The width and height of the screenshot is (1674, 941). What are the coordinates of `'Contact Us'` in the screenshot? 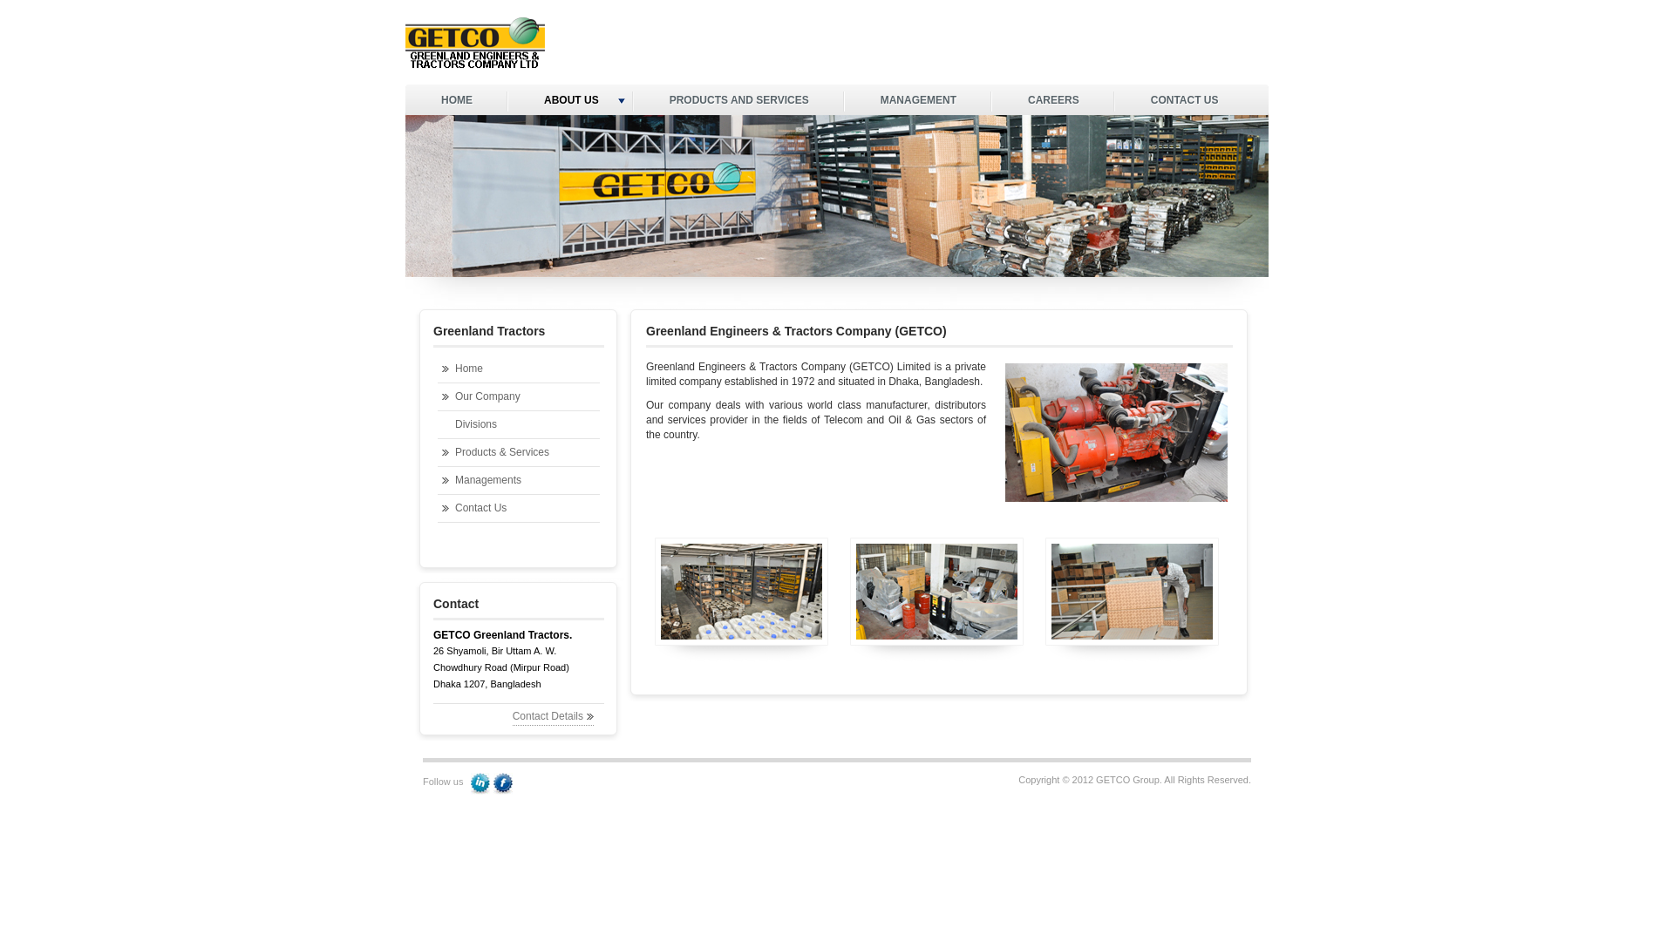 It's located at (518, 508).